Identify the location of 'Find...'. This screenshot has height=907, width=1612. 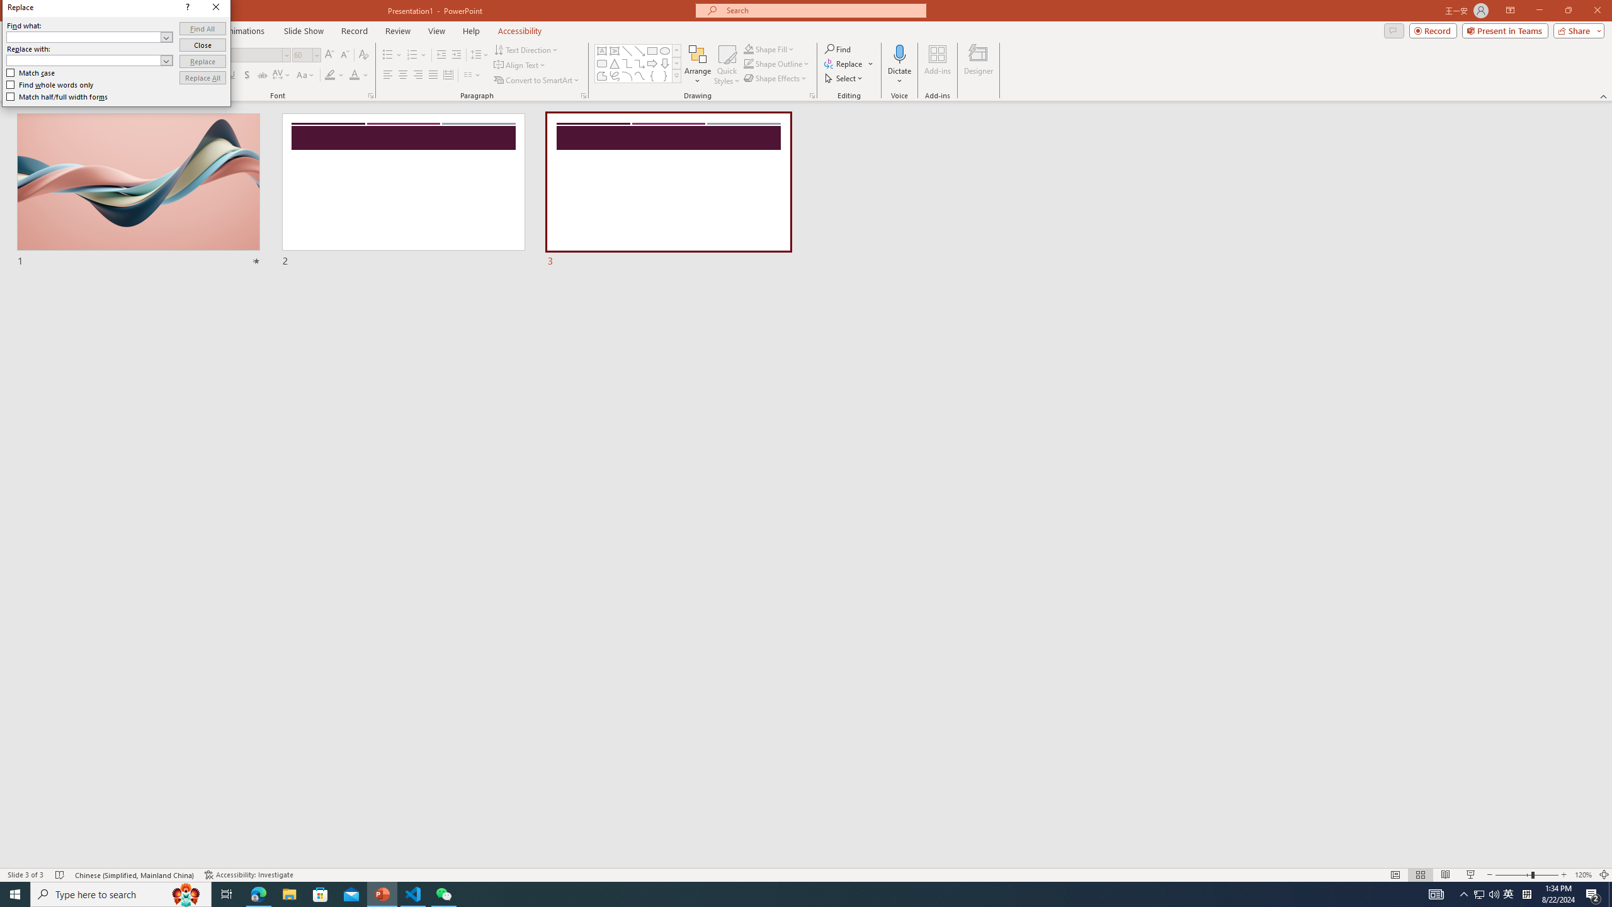
(837, 48).